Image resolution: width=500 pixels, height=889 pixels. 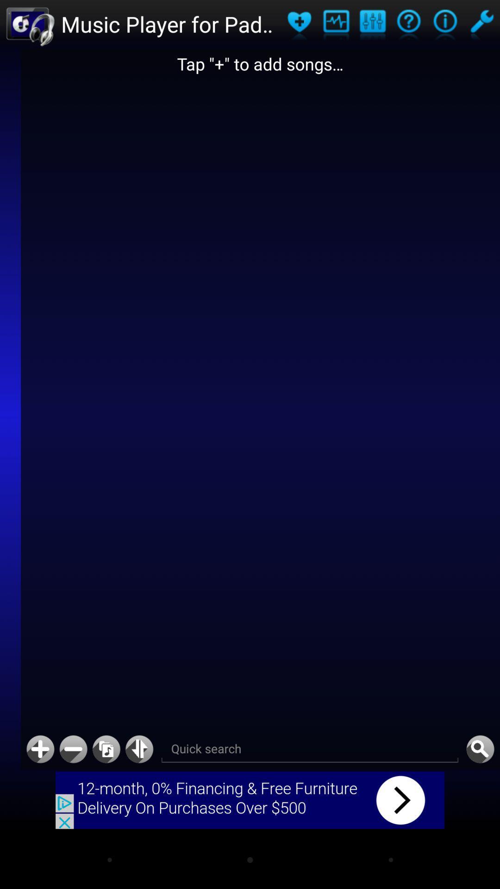 What do you see at coordinates (73, 749) in the screenshot?
I see `minimize maximize minus plus` at bounding box center [73, 749].